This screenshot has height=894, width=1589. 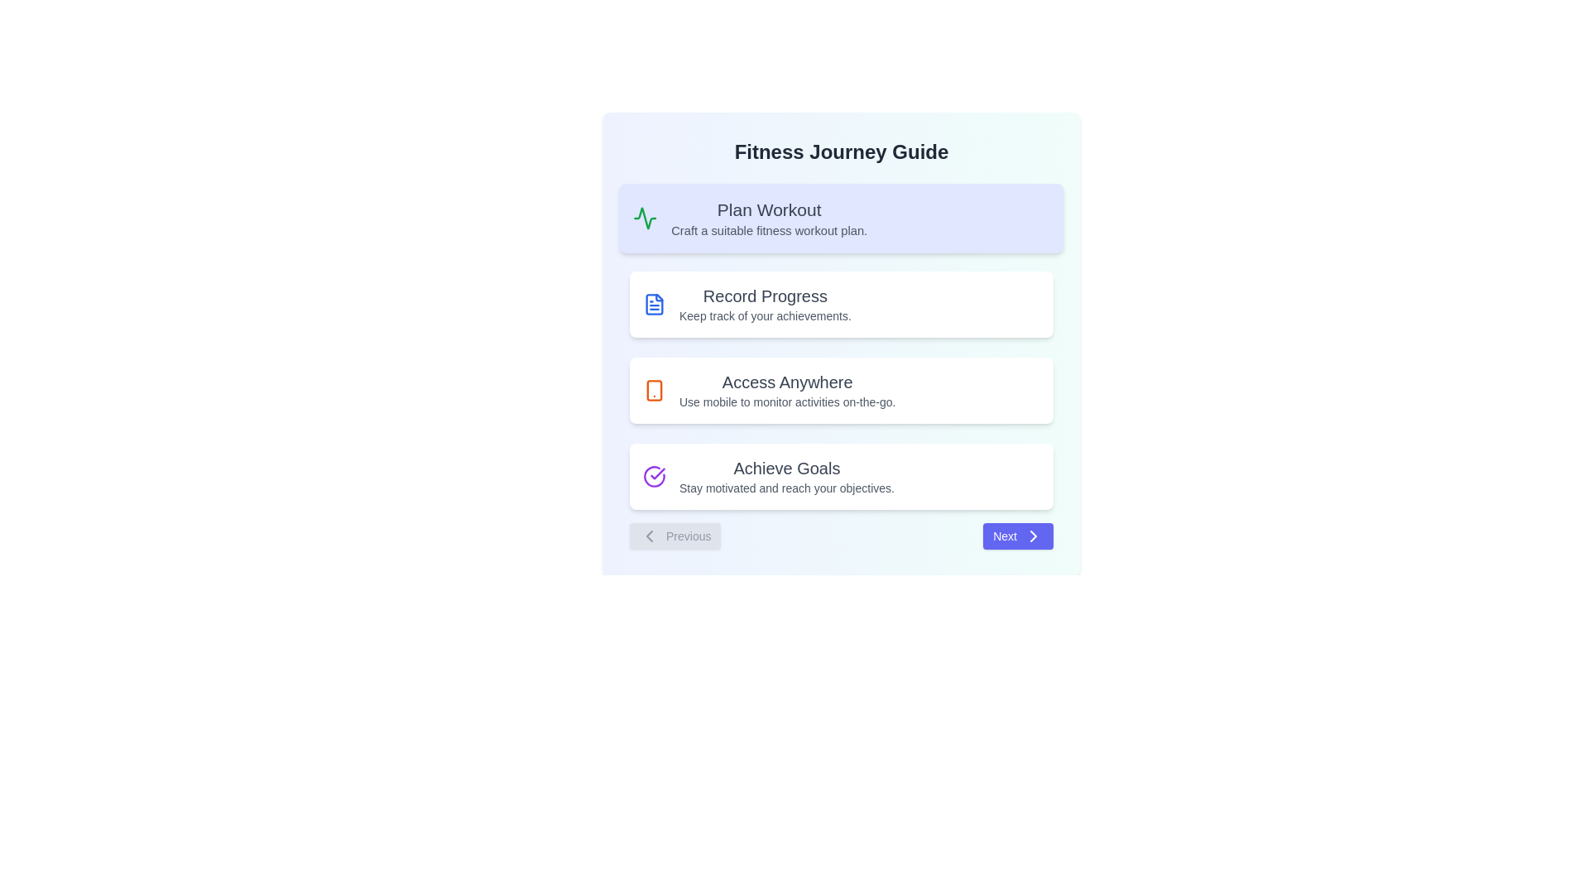 What do you see at coordinates (786, 390) in the screenshot?
I see `the 'Access Anywhere' text block, which displays a title in a larger font and a description in smaller grayish text, positioned centrally between 'Record Progress' and 'Achieve Goals'` at bounding box center [786, 390].